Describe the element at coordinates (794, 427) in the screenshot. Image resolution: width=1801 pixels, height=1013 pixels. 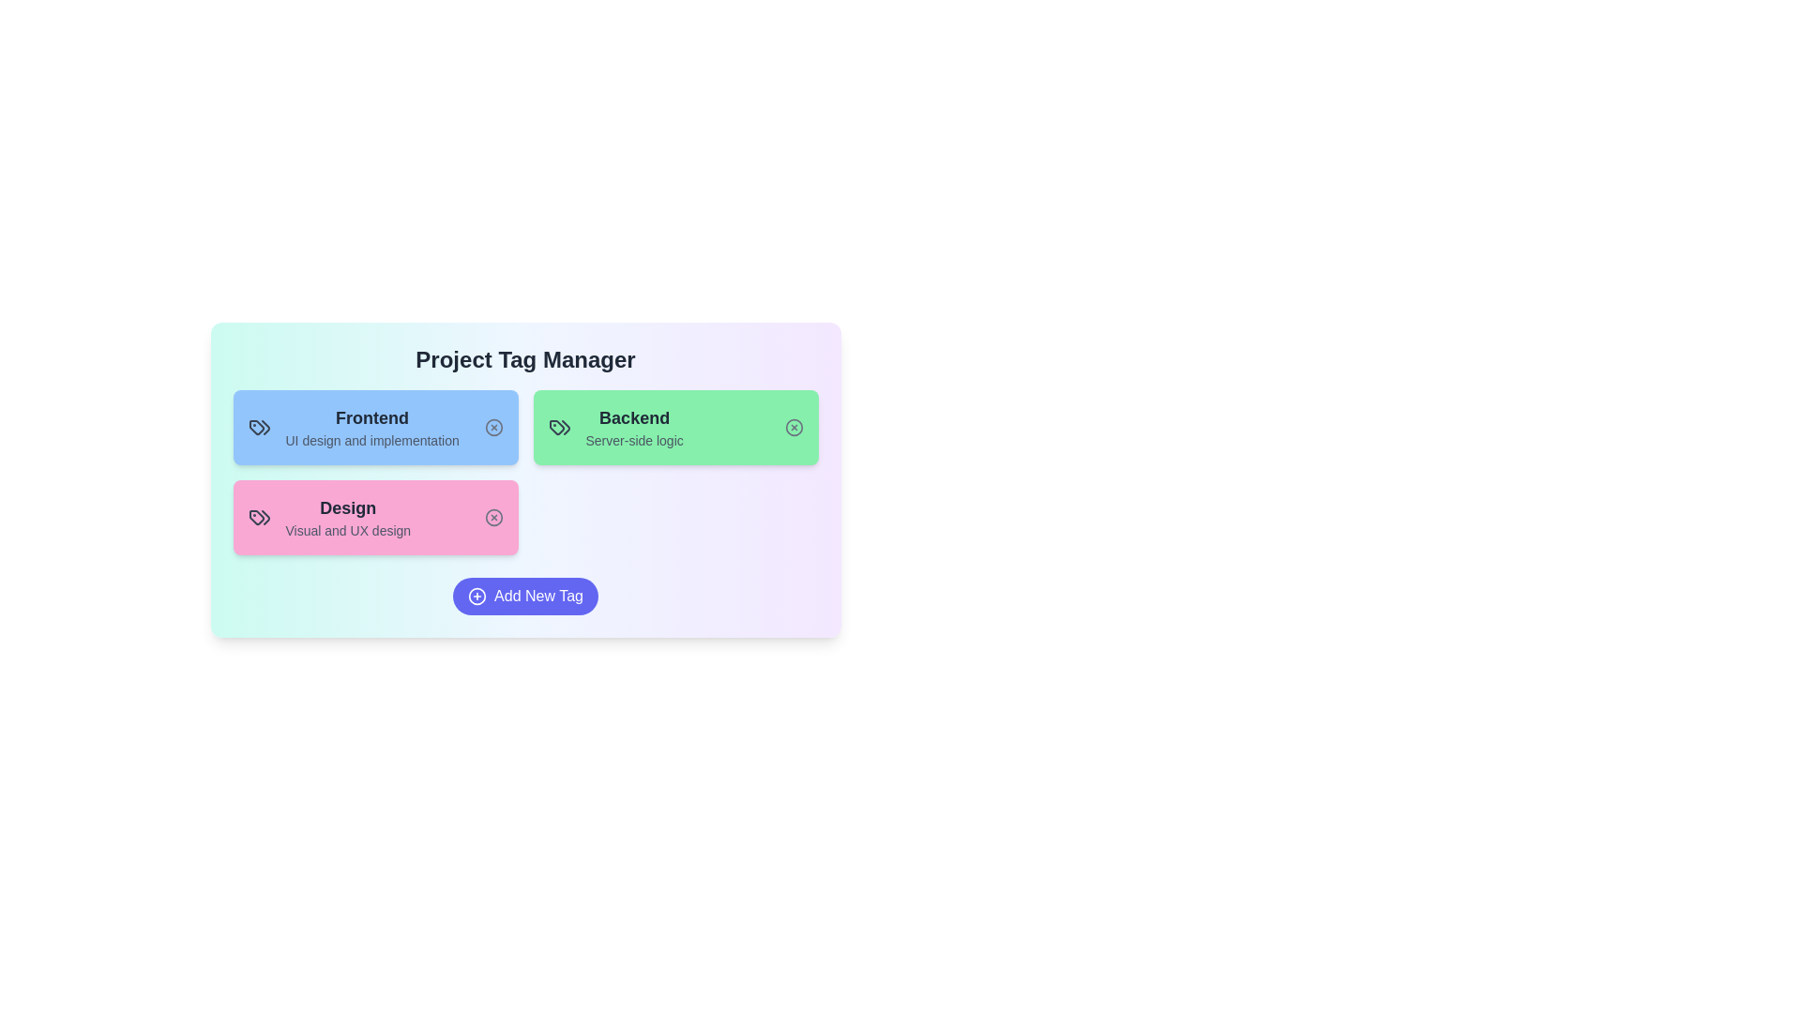
I see `remove button of the tag named Backend to delete it` at that location.